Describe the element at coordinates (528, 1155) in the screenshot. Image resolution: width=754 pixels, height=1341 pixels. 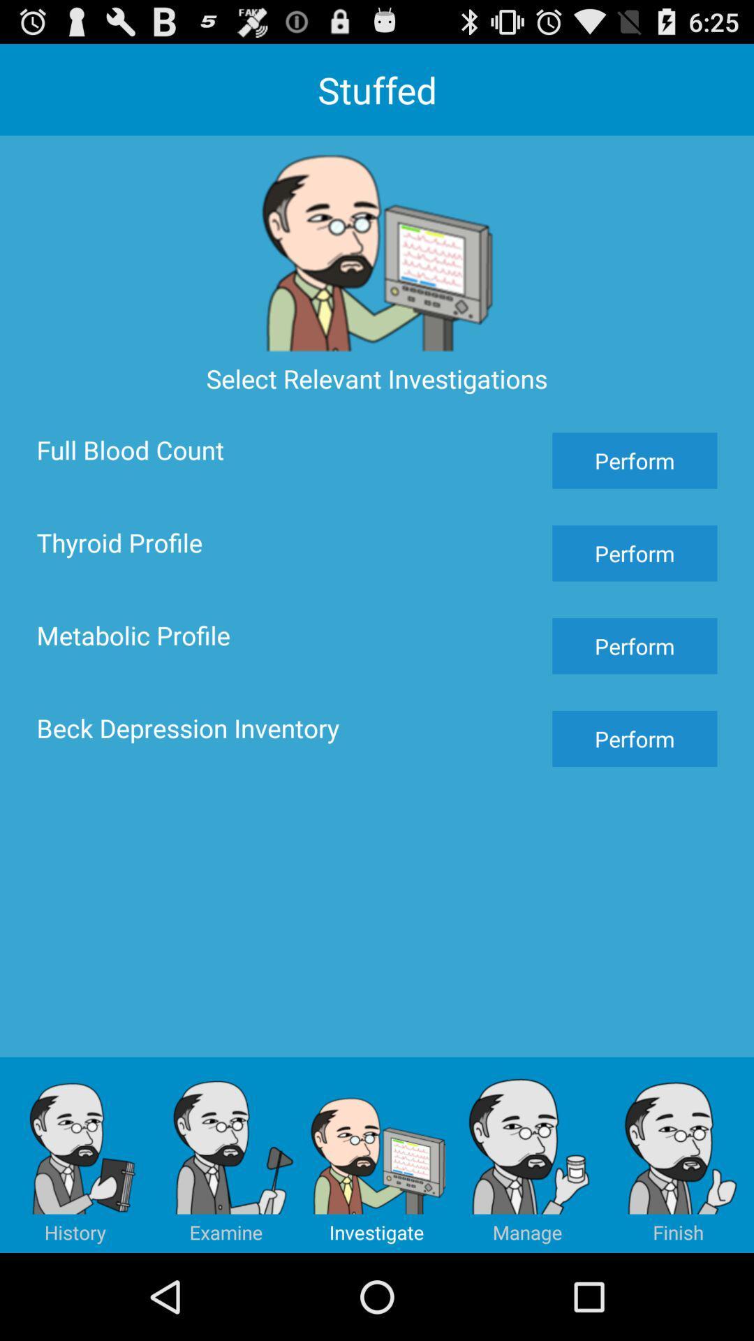
I see `the app below beck depression inventory app` at that location.